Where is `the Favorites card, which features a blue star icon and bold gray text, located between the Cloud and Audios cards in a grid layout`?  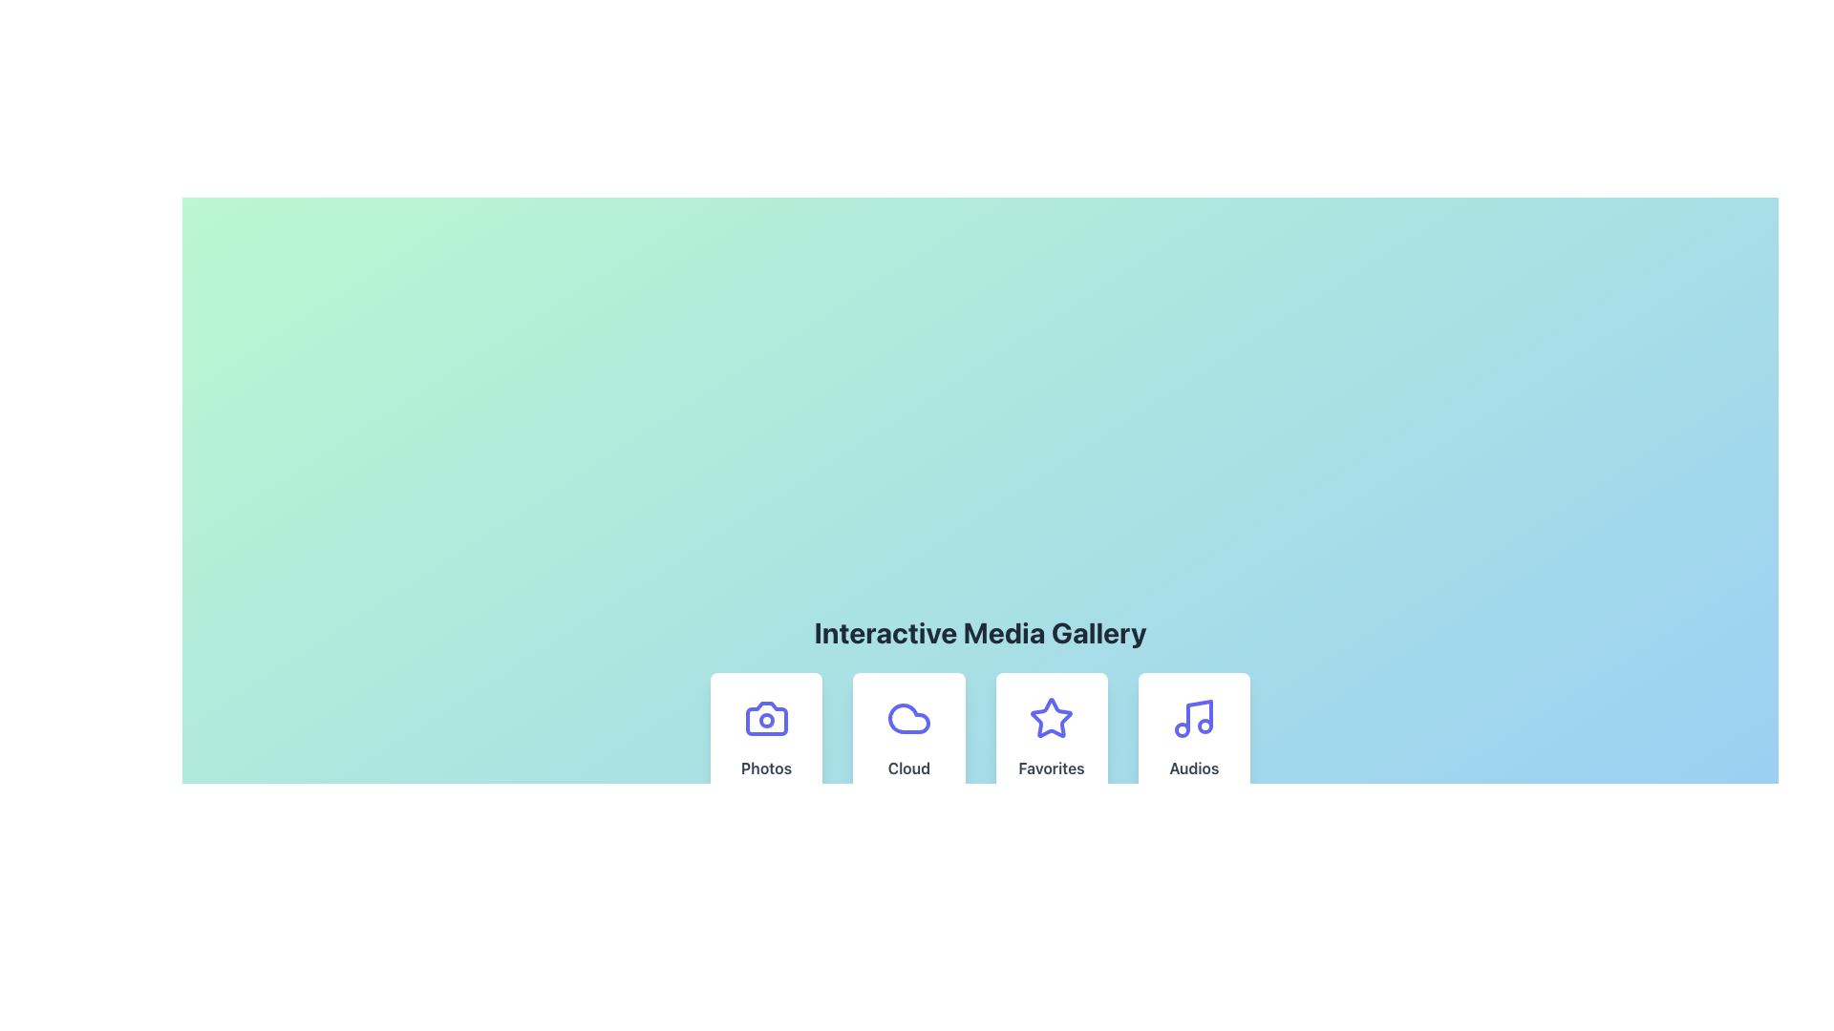
the Favorites card, which features a blue star icon and bold gray text, located between the Cloud and Audios cards in a grid layout is located at coordinates (1051, 740).